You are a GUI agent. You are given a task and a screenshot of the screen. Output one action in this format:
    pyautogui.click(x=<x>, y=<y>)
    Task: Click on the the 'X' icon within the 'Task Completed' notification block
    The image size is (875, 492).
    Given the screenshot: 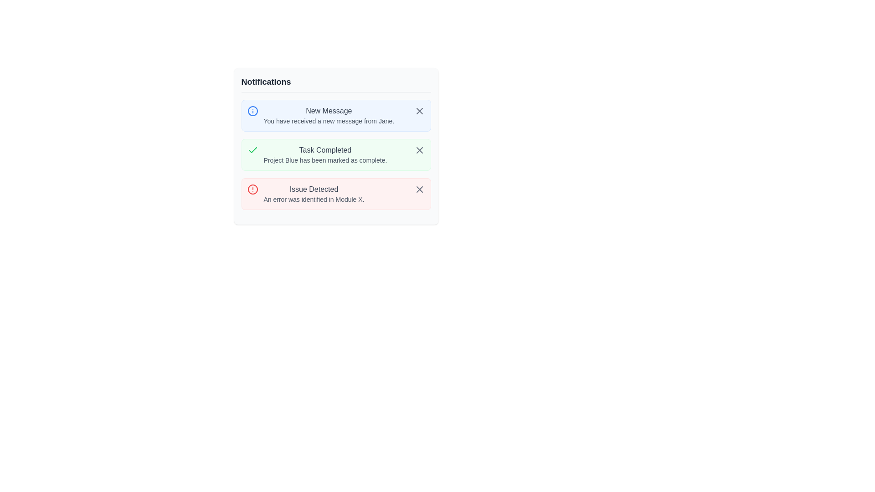 What is the action you would take?
    pyautogui.click(x=419, y=189)
    